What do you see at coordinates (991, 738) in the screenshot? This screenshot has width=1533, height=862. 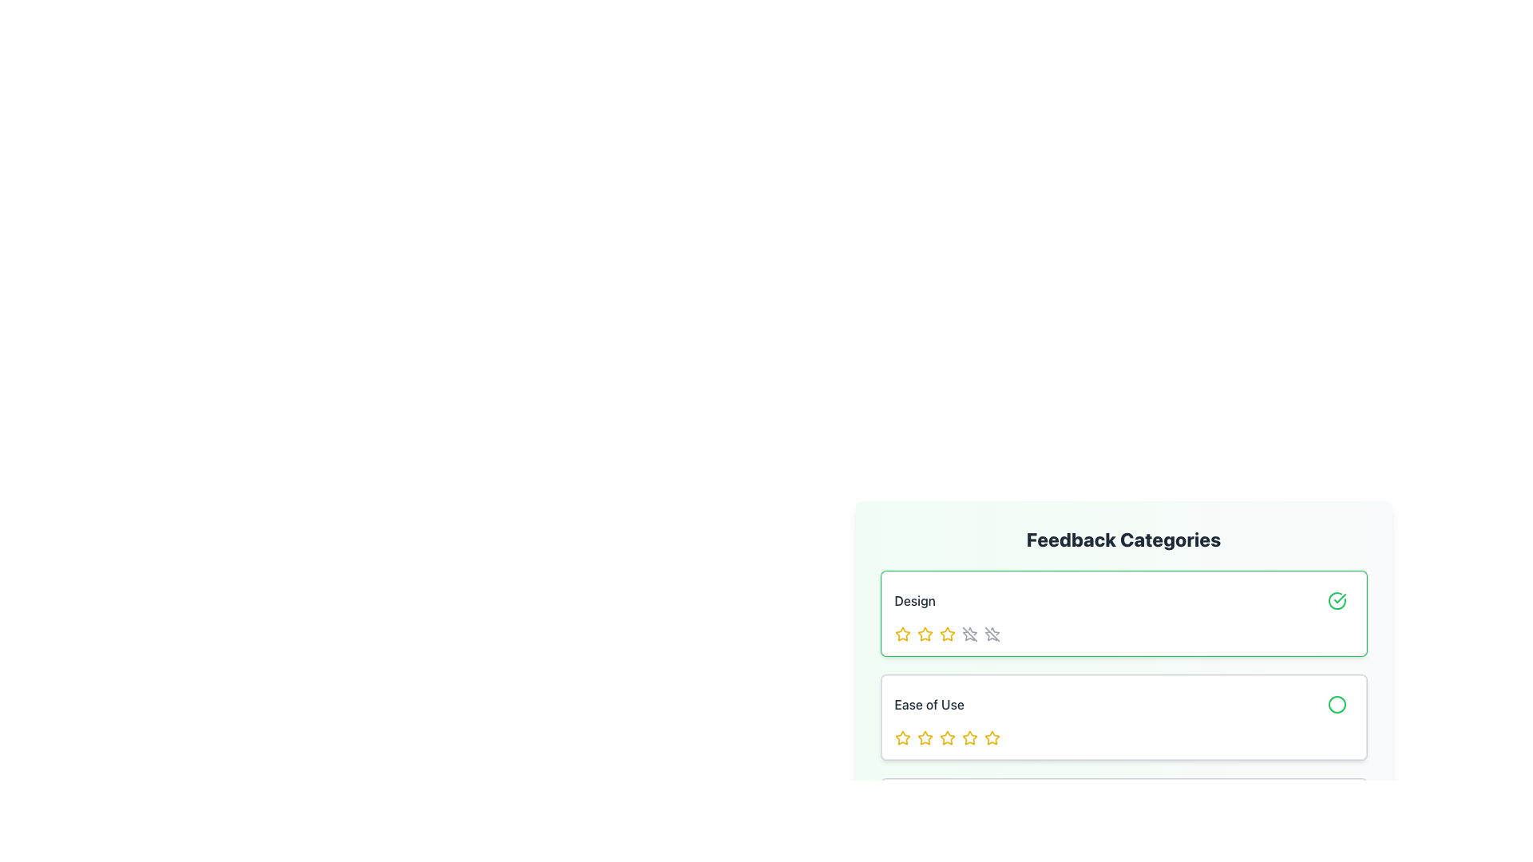 I see `the fifth interactive star icon used for rating 'Ease of Use'` at bounding box center [991, 738].